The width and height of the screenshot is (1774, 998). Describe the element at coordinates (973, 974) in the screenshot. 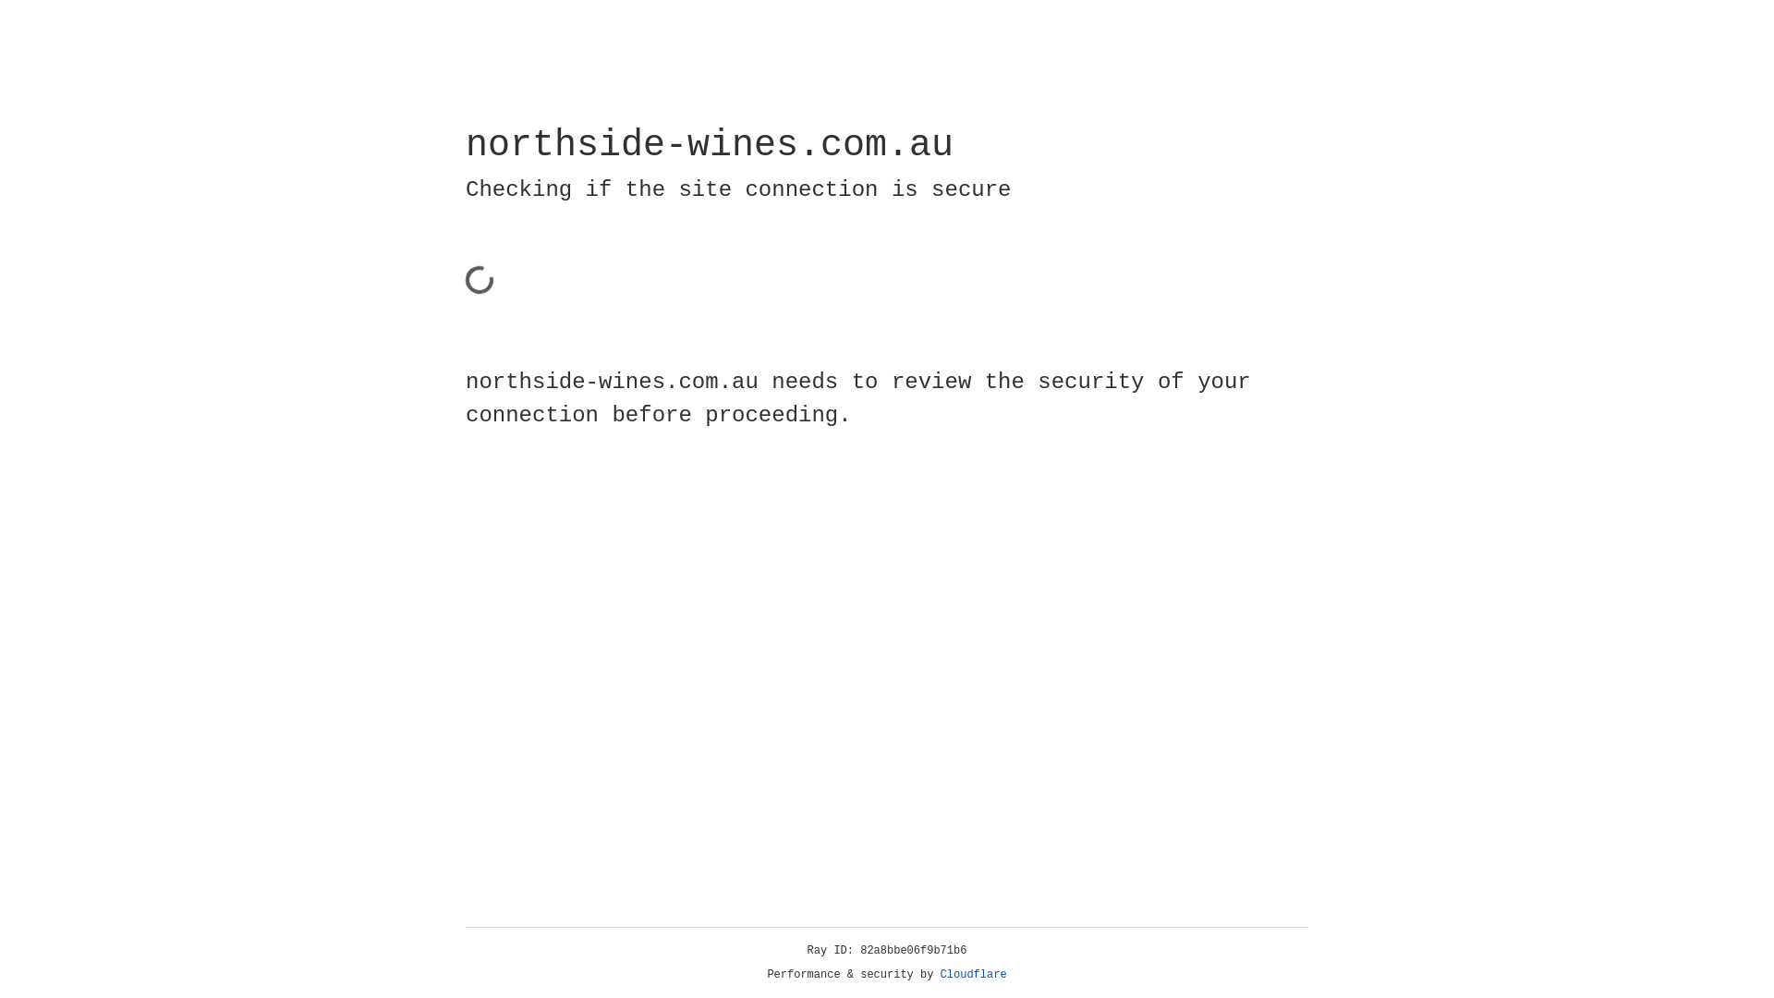

I see `'Cloudflare'` at that location.